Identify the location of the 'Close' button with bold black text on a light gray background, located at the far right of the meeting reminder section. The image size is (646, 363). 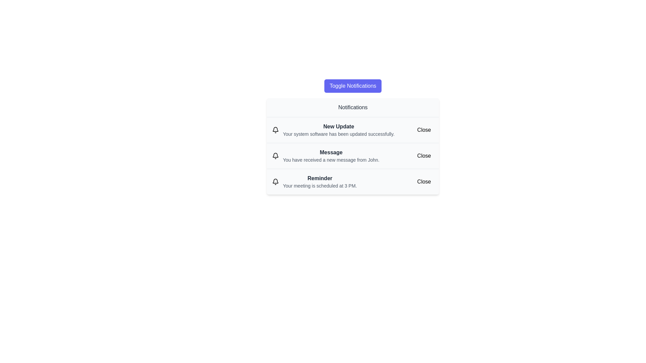
(424, 182).